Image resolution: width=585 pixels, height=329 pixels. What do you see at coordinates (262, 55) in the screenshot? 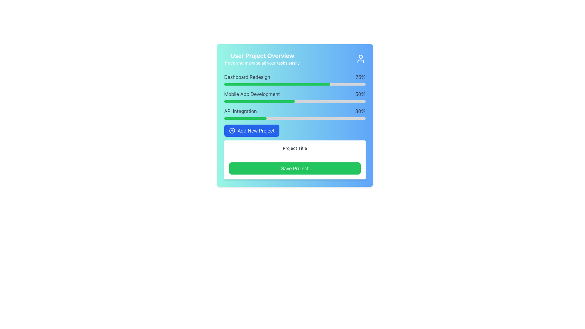
I see `the bold heading text 'User Project Overview'` at bounding box center [262, 55].